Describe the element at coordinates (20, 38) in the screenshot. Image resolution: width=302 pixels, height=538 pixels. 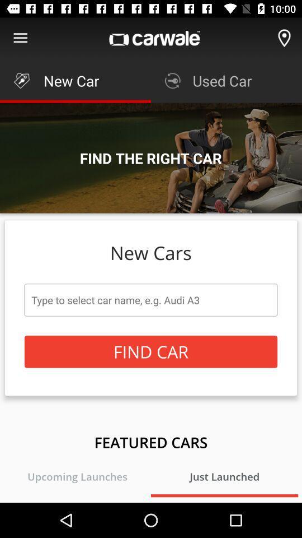
I see `main menu button` at that location.